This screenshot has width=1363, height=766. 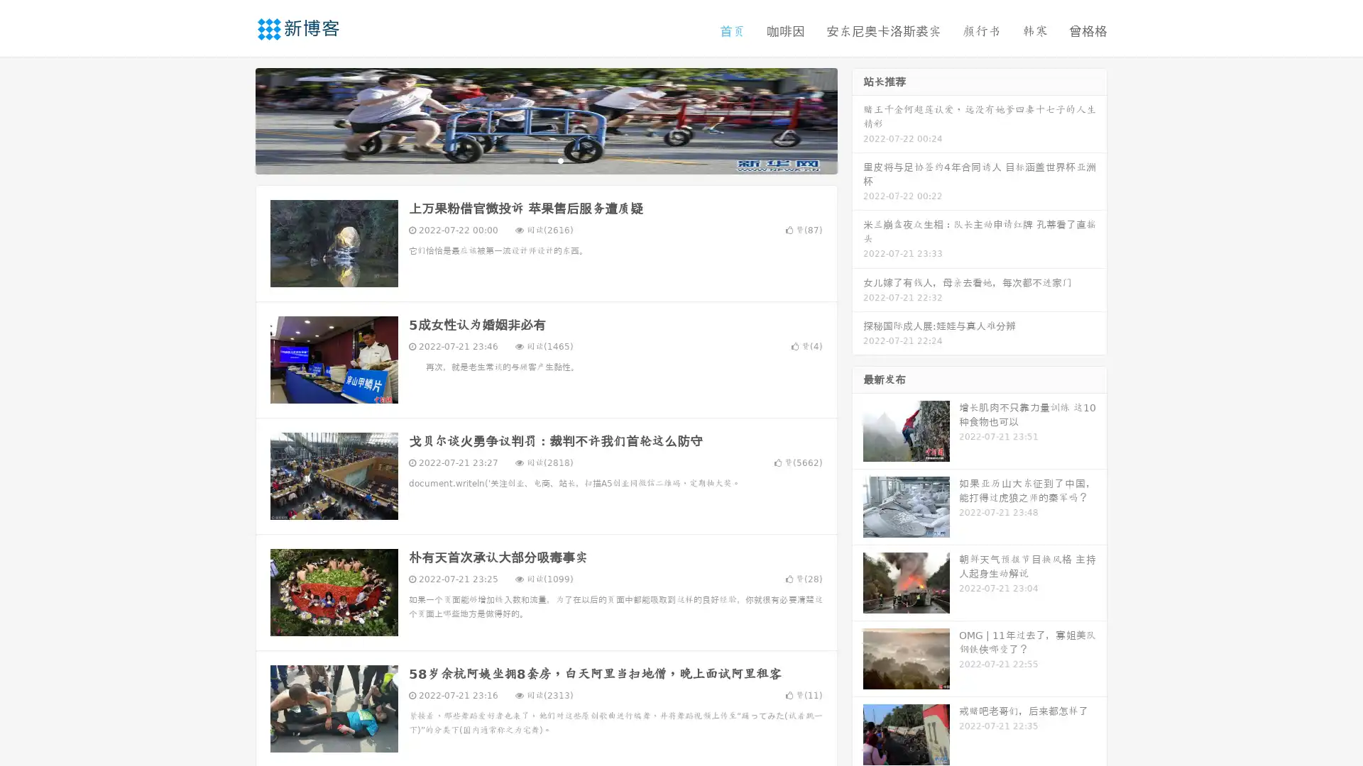 What do you see at coordinates (234, 119) in the screenshot?
I see `Previous slide` at bounding box center [234, 119].